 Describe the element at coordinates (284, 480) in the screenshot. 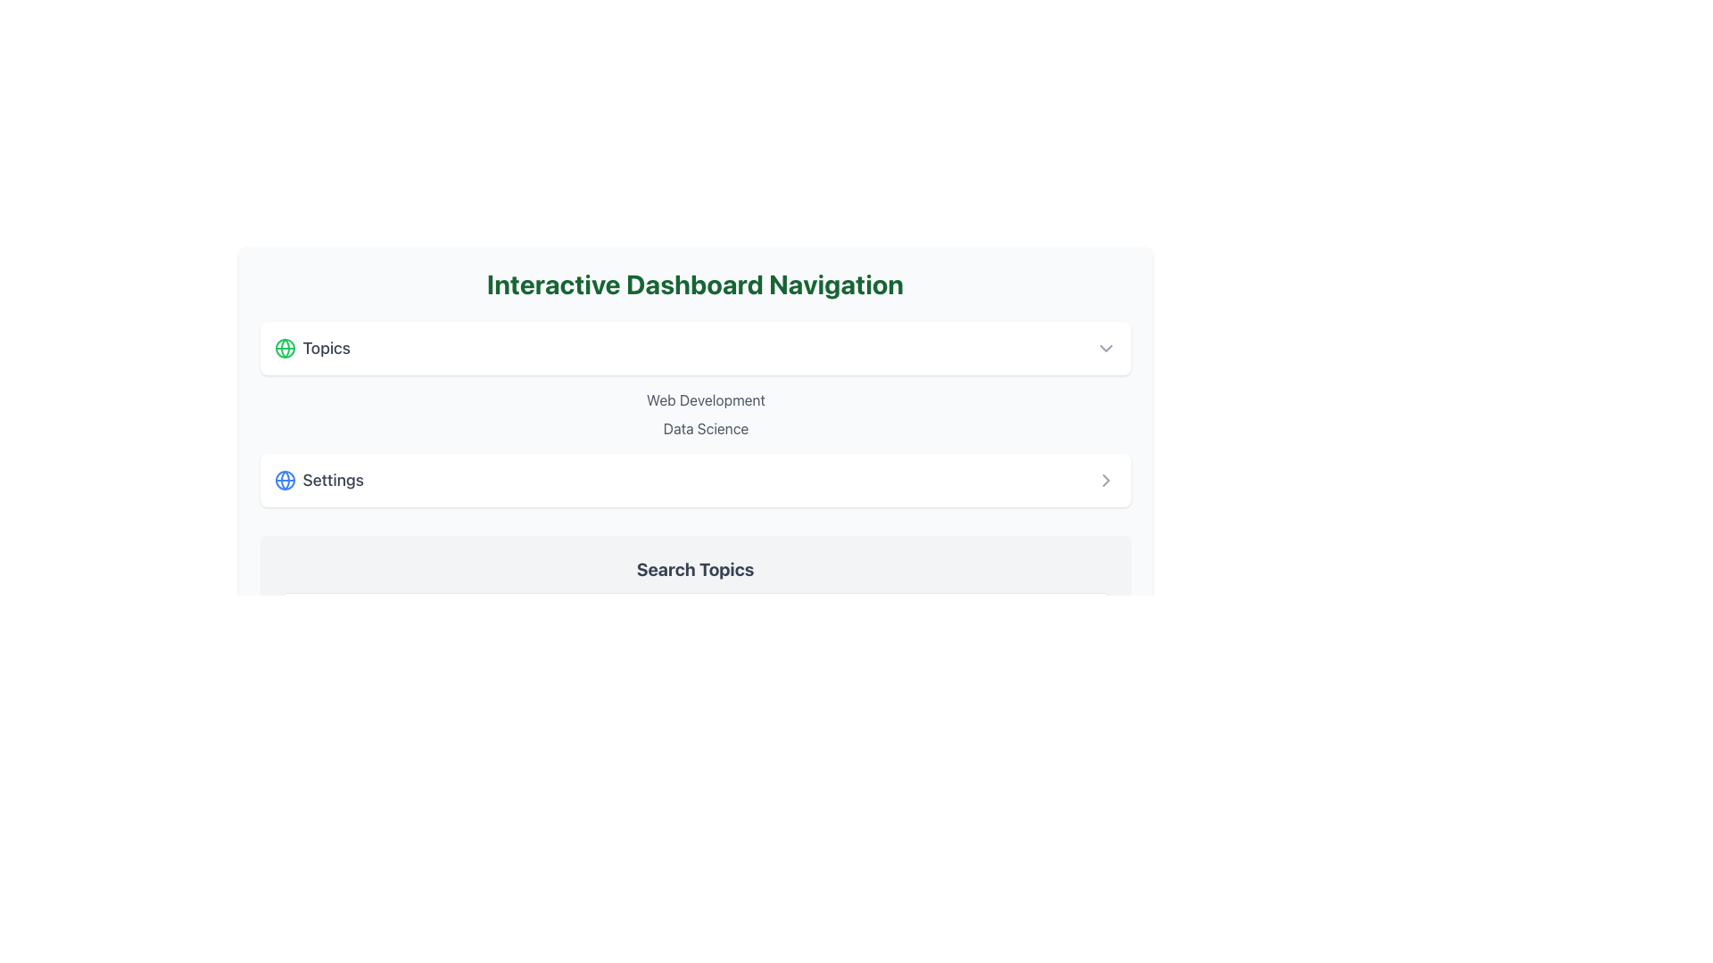

I see `the circular element within the globe icon associated with the 'Topics' item in the dashboard` at that location.